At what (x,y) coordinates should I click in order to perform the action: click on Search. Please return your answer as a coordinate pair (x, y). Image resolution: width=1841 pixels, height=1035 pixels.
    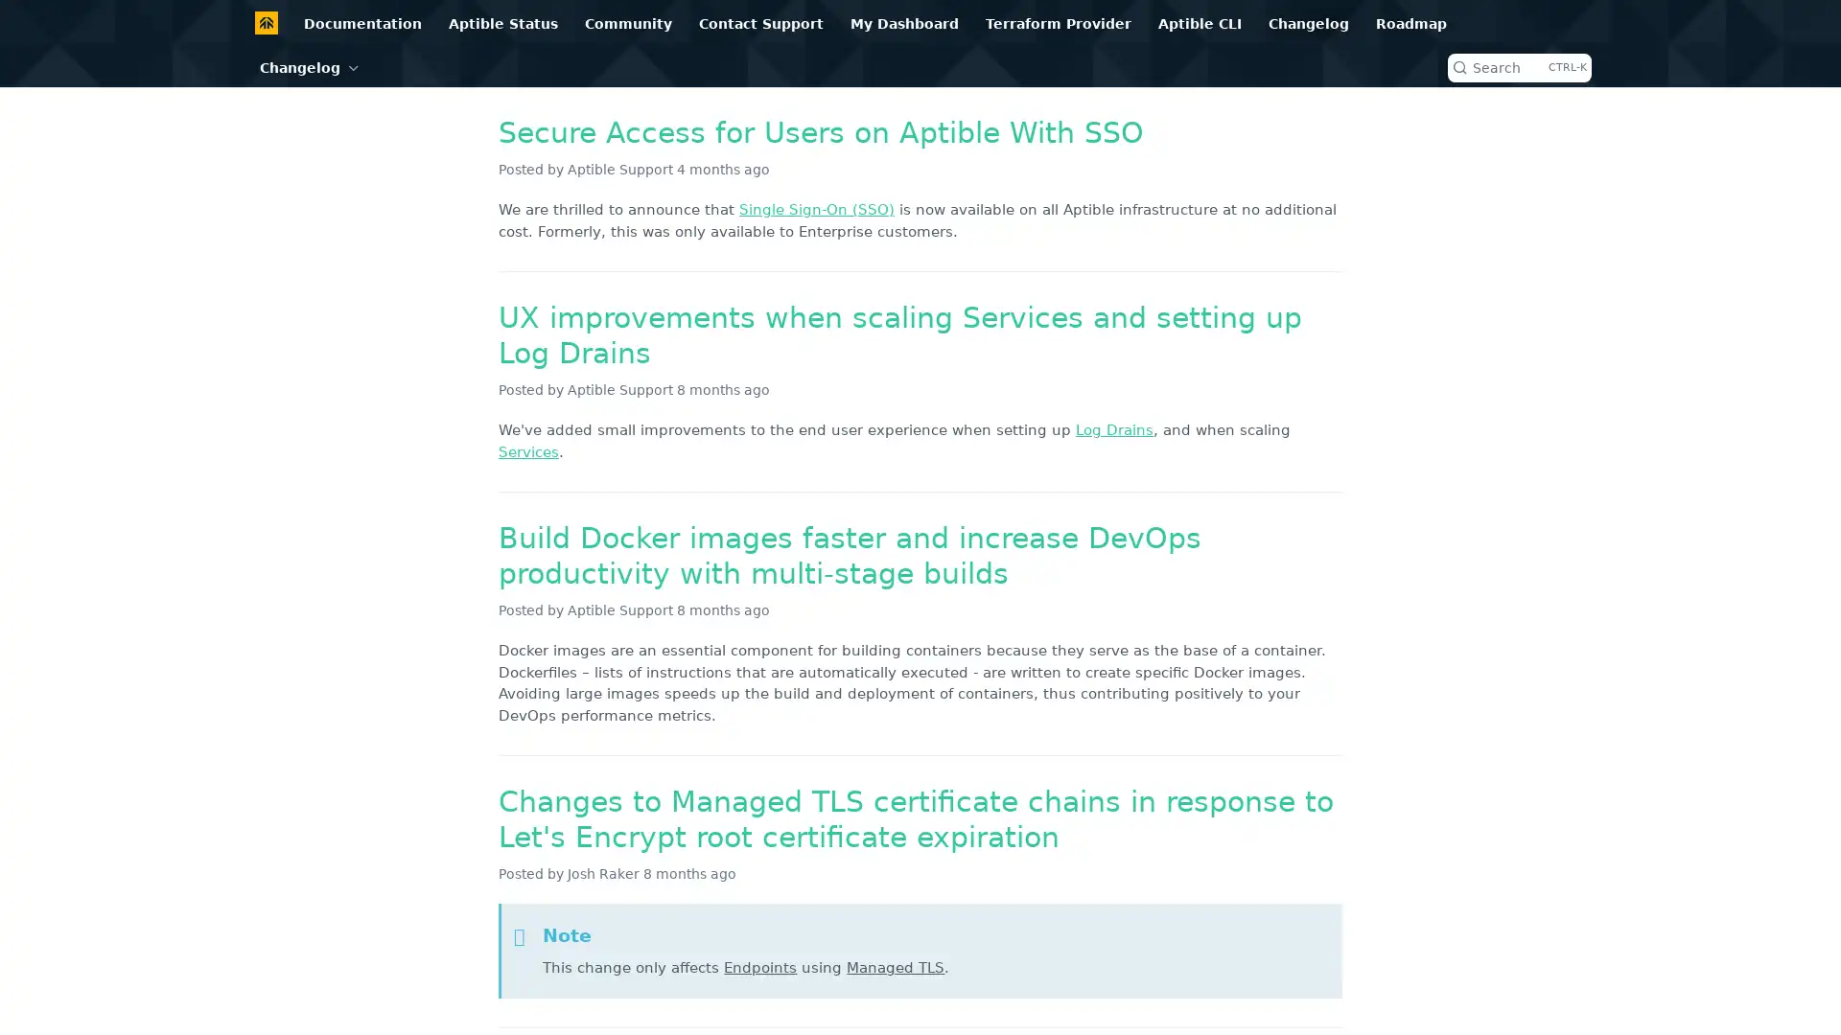
    Looking at the image, I should click on (1518, 66).